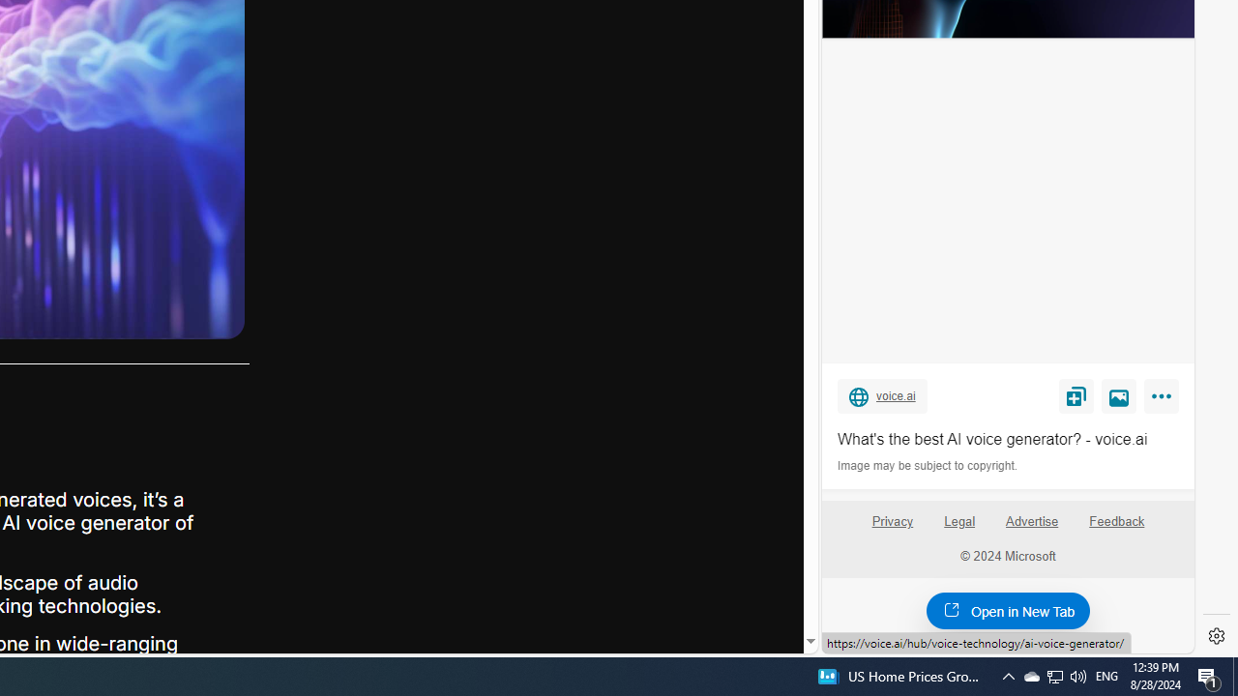 The image size is (1238, 696). I want to click on 'Save', so click(1075, 394).